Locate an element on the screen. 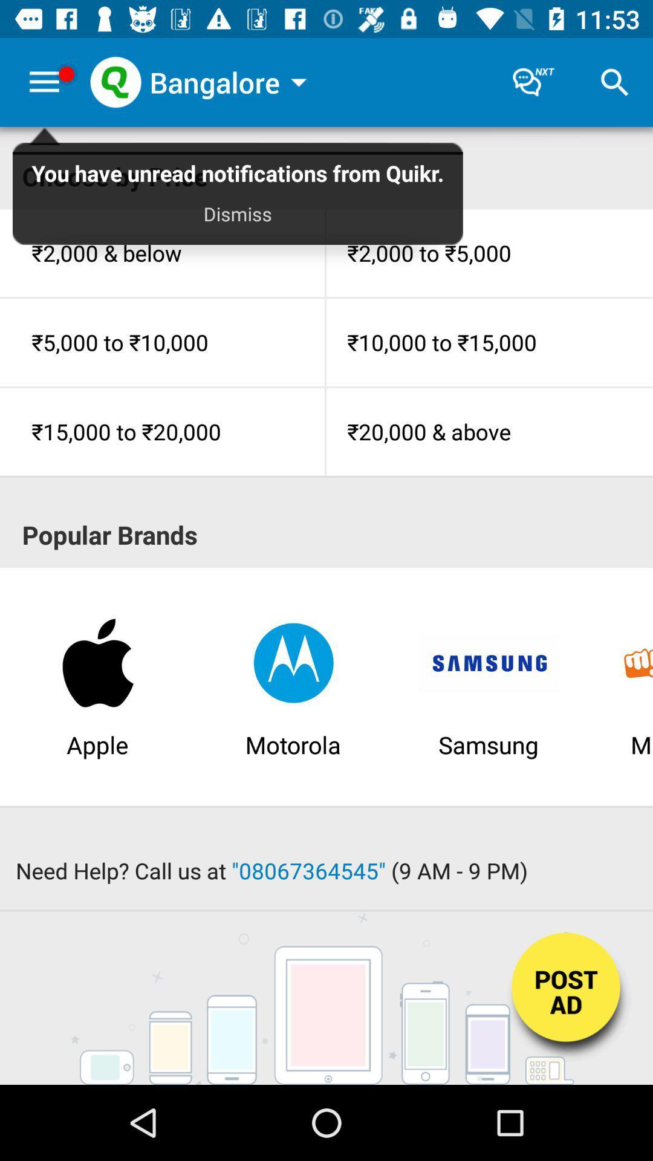  open chat is located at coordinates (533, 82).